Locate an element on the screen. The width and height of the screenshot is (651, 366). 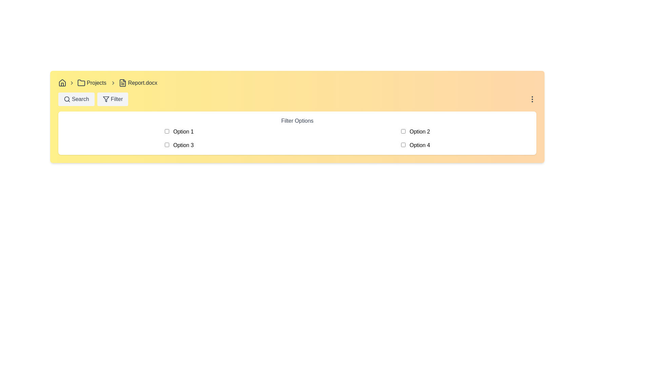
the checkbox labeled 'Option 4' is located at coordinates (415, 145).